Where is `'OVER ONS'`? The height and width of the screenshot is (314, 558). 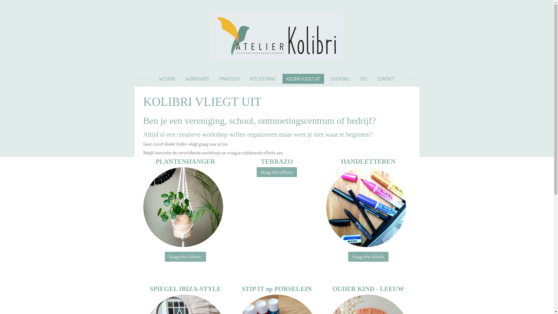 'OVER ONS' is located at coordinates (340, 78).